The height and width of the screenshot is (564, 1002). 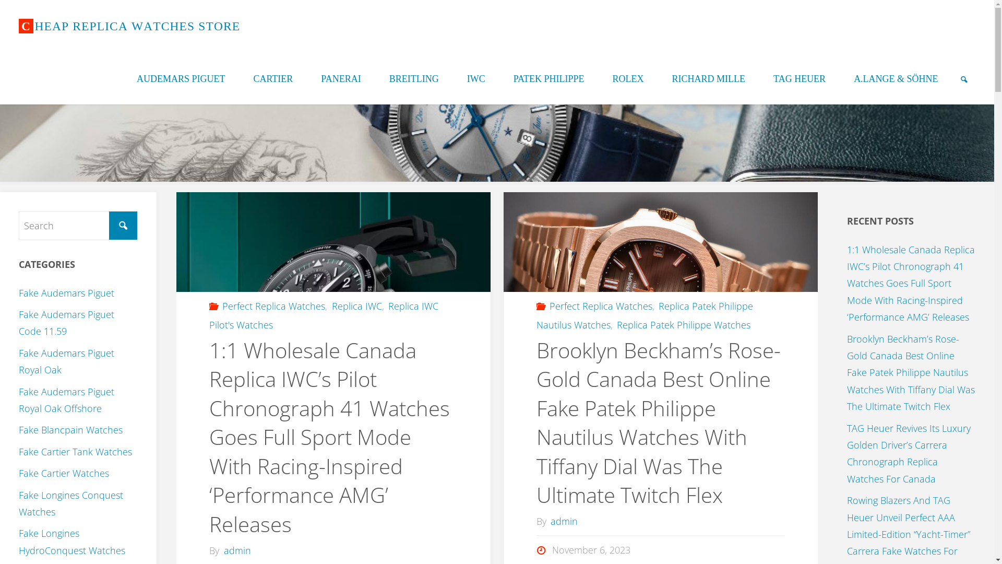 I want to click on 'Fake Audemars Piguet Code 11.59', so click(x=18, y=322).